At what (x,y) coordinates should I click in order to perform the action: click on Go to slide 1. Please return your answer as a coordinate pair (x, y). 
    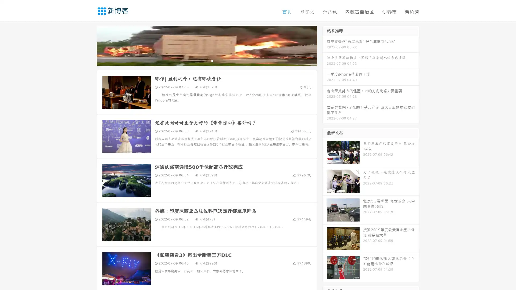
    Looking at the image, I should click on (201, 60).